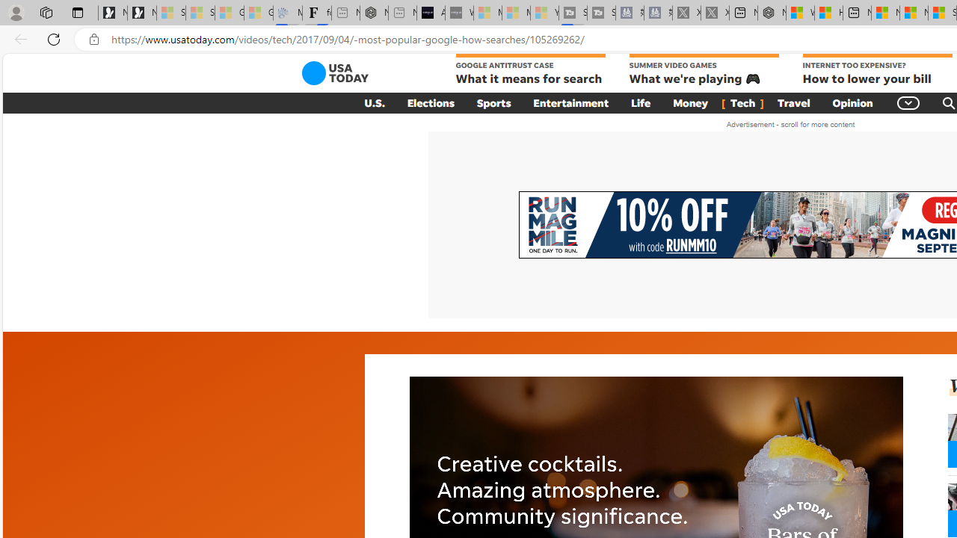 The width and height of the screenshot is (957, 538). What do you see at coordinates (459, 13) in the screenshot?
I see `'What'` at bounding box center [459, 13].